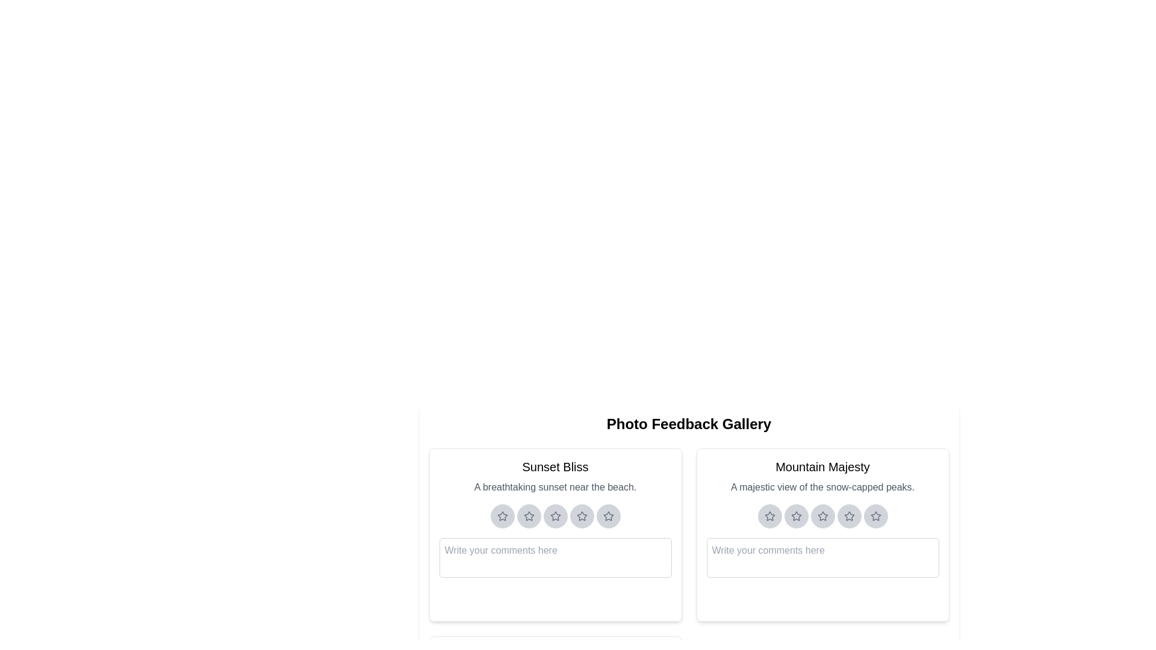 The image size is (1156, 650). What do you see at coordinates (875, 515) in the screenshot?
I see `the fifth star icon in the 'Mountain Majesty' feedback section to visualize interactivity` at bounding box center [875, 515].